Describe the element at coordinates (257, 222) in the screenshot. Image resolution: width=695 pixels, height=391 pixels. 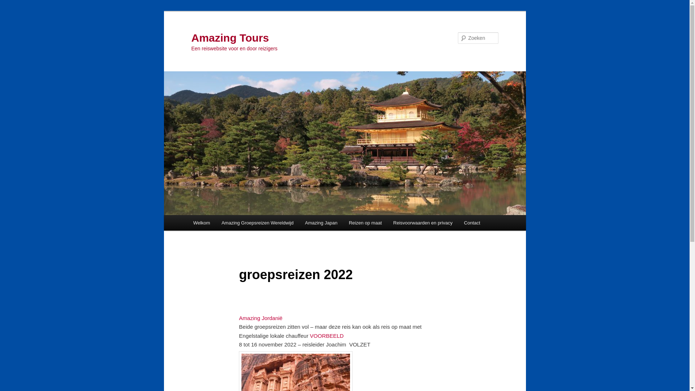
I see `'Amazing Groepsreizen Wereldwijd'` at that location.